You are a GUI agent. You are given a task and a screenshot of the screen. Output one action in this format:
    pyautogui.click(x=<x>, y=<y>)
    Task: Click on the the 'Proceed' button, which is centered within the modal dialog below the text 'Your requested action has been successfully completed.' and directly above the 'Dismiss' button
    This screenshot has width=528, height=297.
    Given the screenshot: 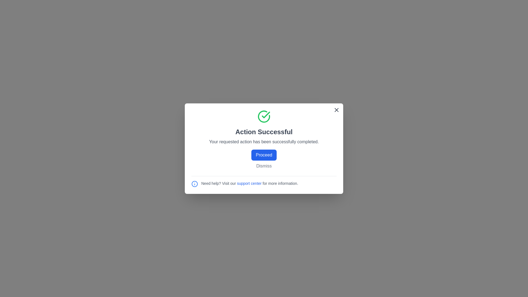 What is the action you would take?
    pyautogui.click(x=264, y=155)
    